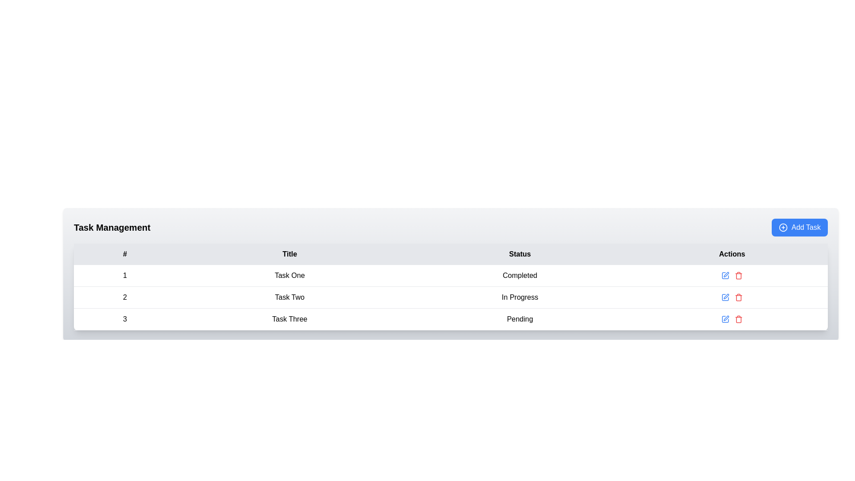 This screenshot has width=855, height=481. Describe the element at coordinates (451, 275) in the screenshot. I see `the first table row containing task-related data` at that location.